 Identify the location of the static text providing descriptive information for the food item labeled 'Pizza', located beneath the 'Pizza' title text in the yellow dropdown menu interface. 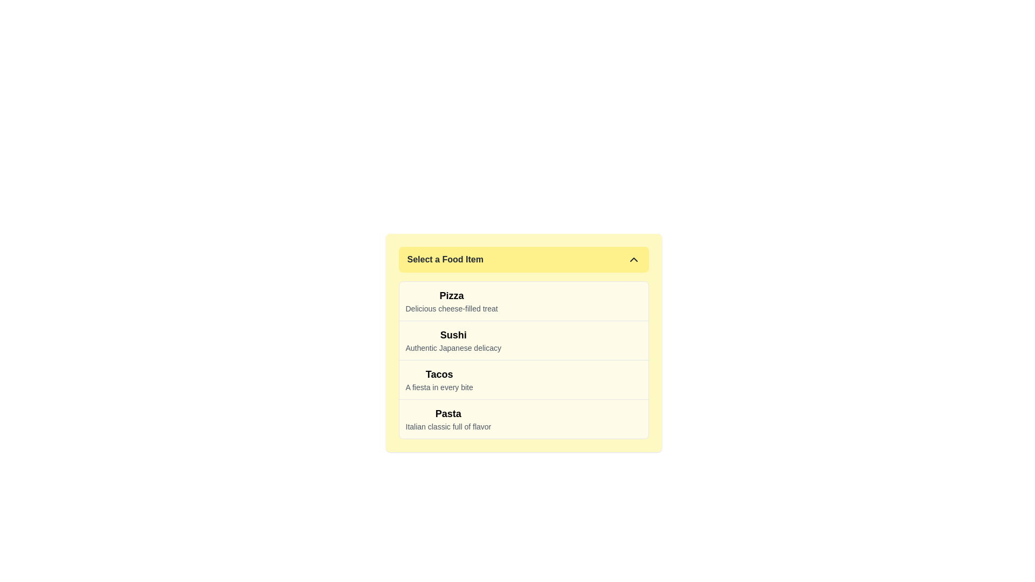
(452, 309).